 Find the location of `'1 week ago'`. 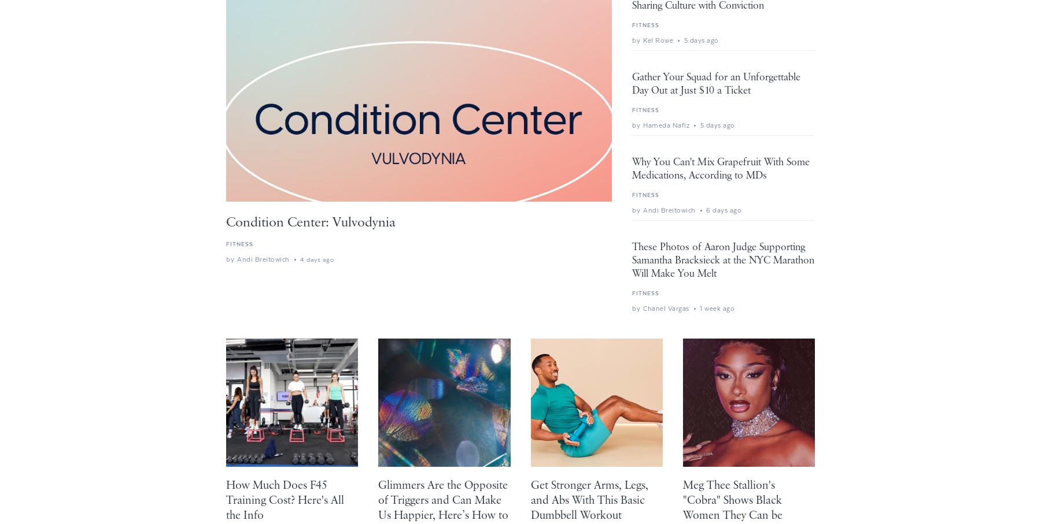

'1 week ago' is located at coordinates (717, 308).